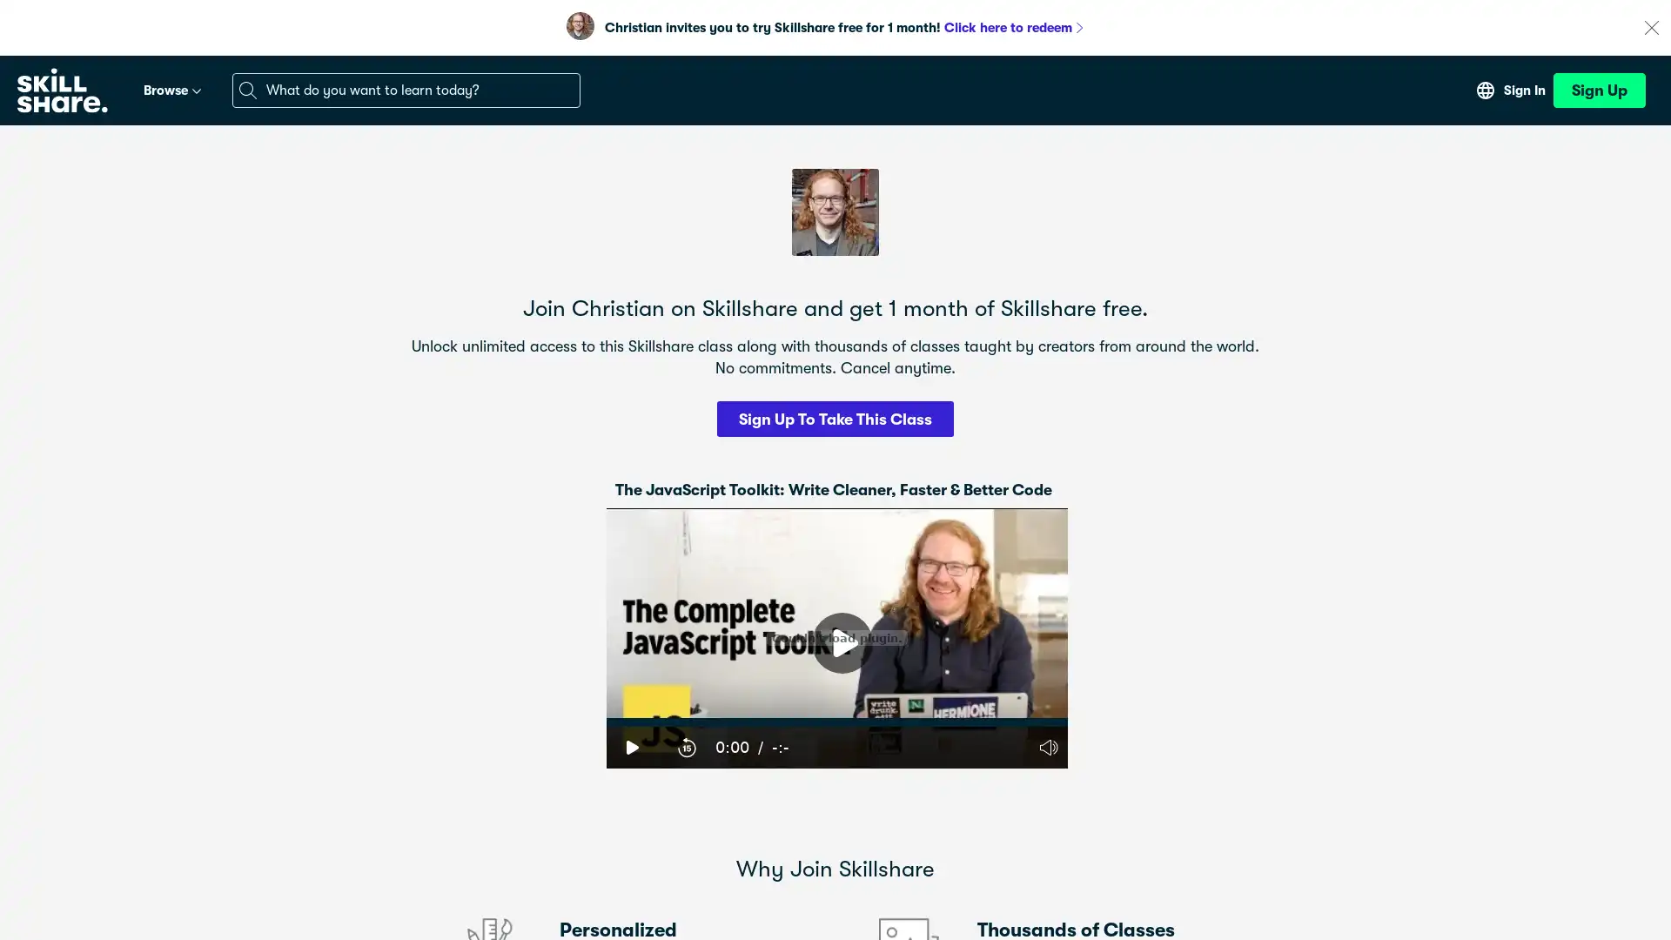  Describe the element at coordinates (686, 745) in the screenshot. I see `15-Second Rewind` at that location.